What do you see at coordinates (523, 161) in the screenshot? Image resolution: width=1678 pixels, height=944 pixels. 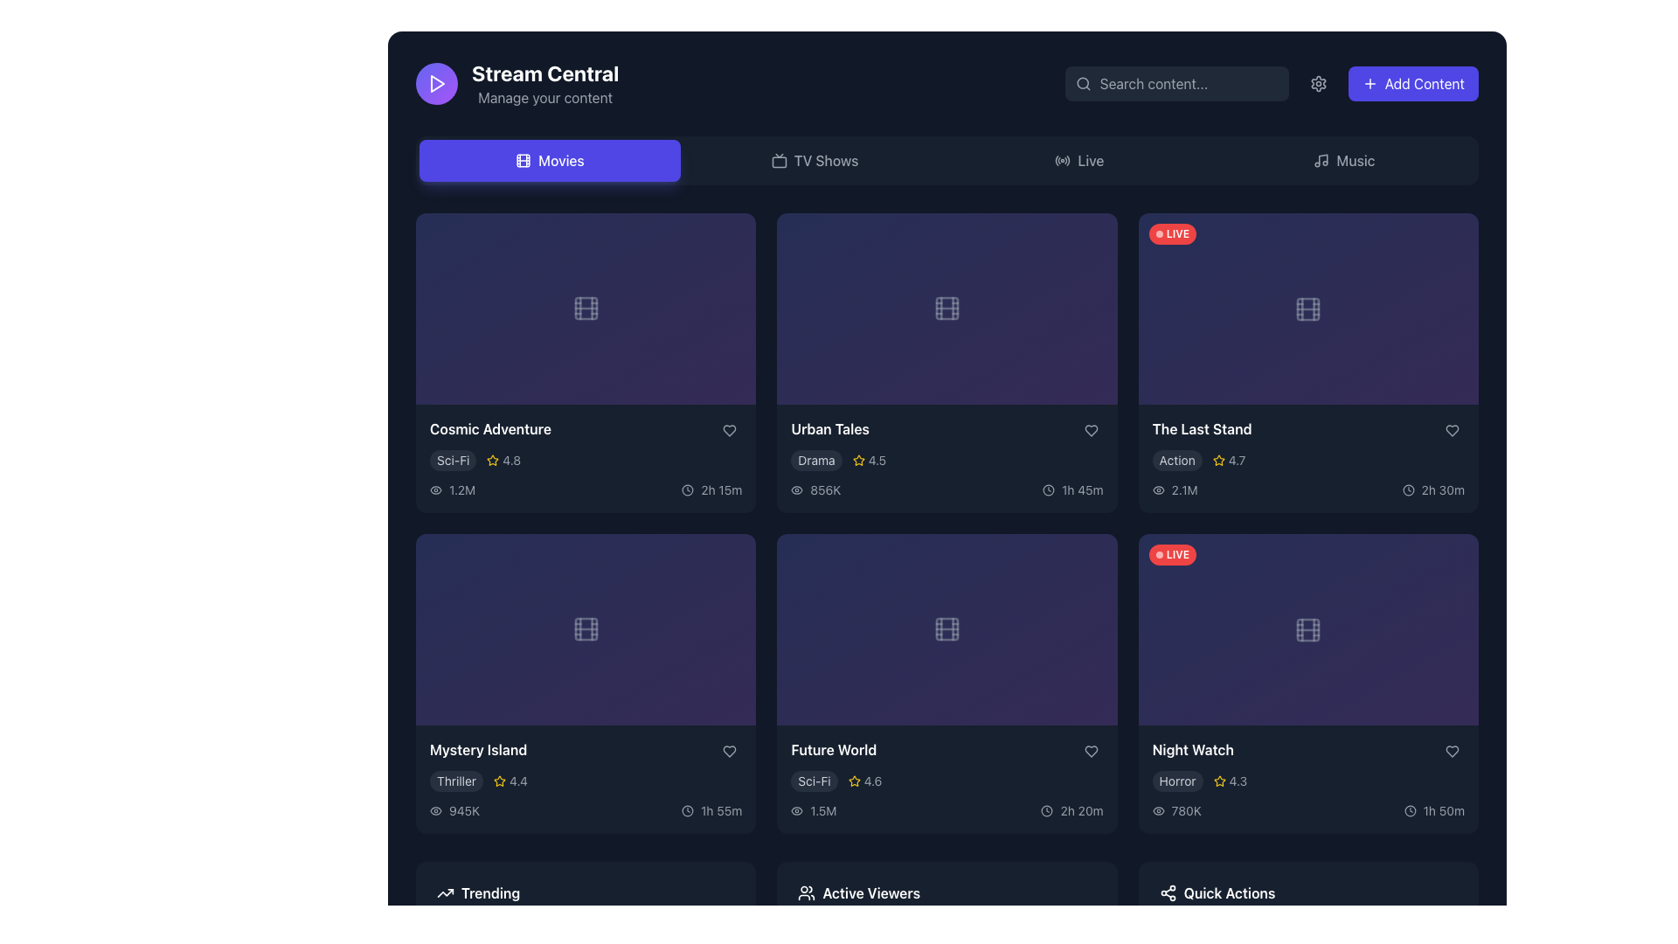 I see `the graphical icon component, which is a rectangular shape with rounded corners, representing a movie reel, located in the upper-left section of the interface within the Movies section` at bounding box center [523, 161].